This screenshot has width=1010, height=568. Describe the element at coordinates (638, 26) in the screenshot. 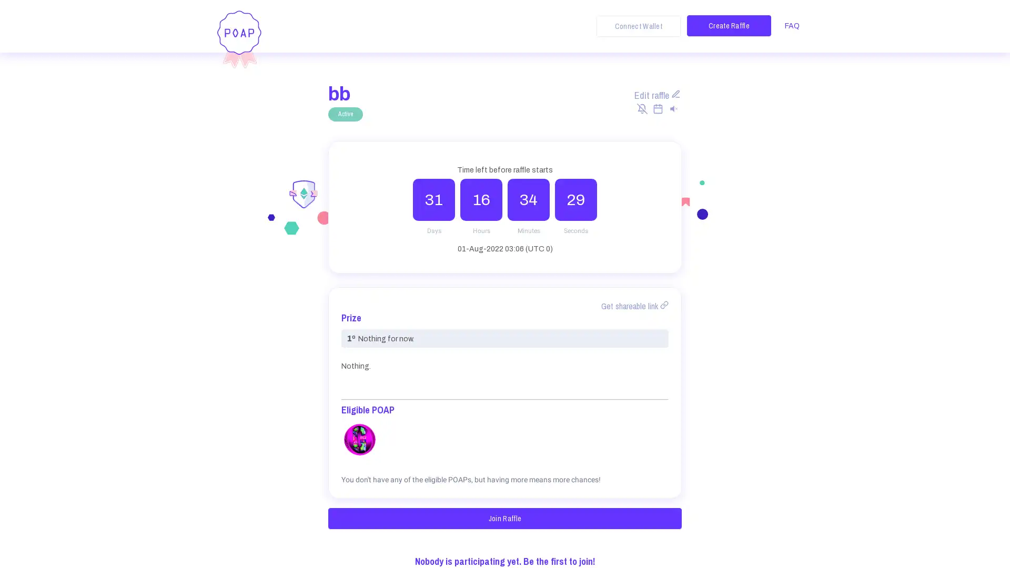

I see `Connect Wallet` at that location.